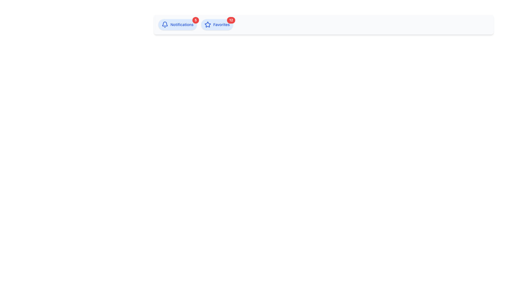 Image resolution: width=527 pixels, height=296 pixels. I want to click on the numerical notification badge with the red background containing the number '12', so click(231, 20).